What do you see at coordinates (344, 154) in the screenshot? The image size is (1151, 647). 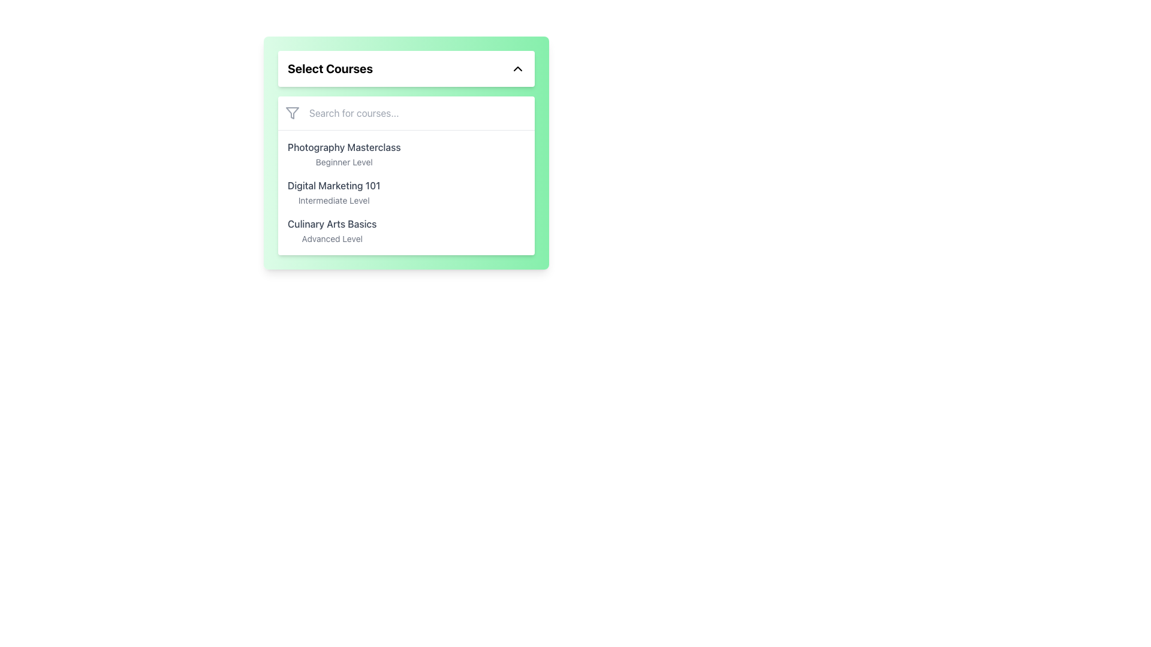 I see `the first item in the dropdown menu displaying the course title and difficulty level` at bounding box center [344, 154].